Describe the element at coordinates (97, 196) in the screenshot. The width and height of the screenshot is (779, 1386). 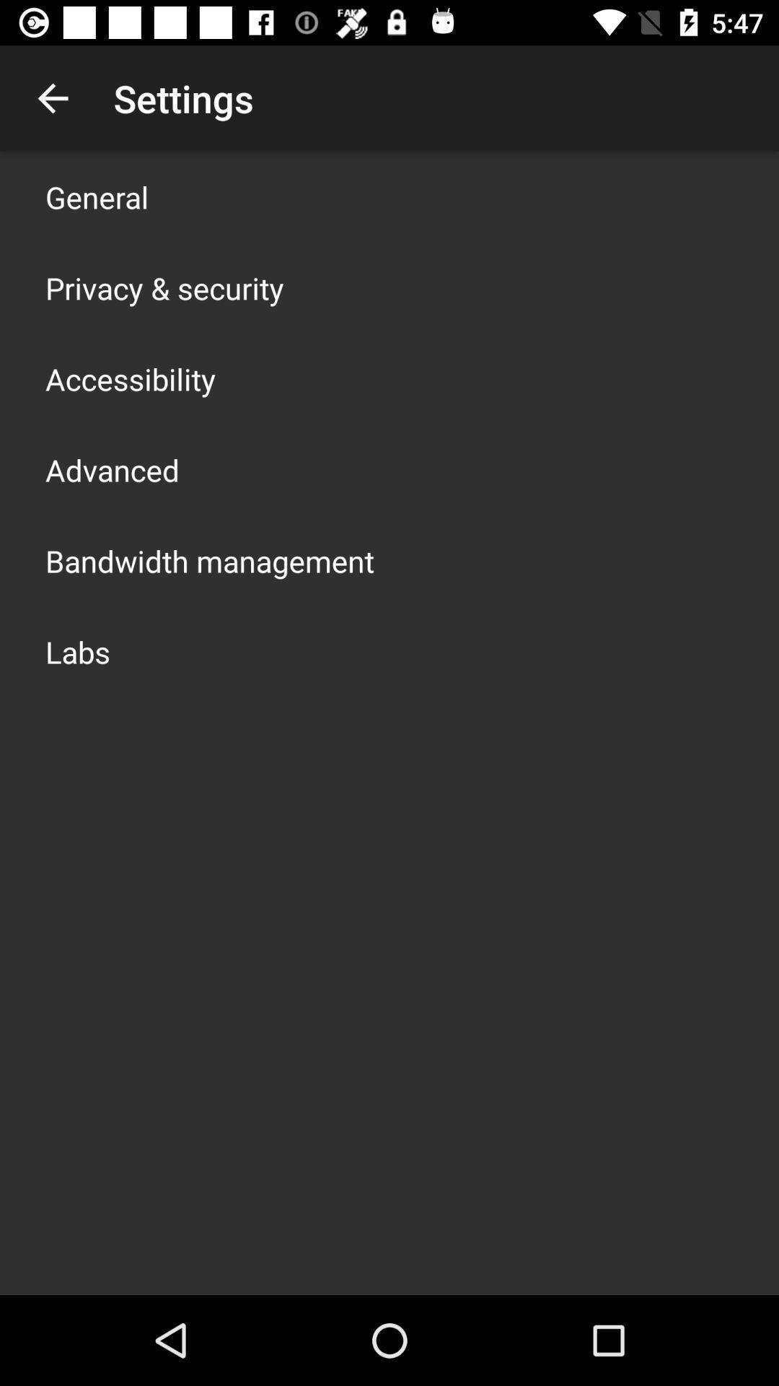
I see `app above privacy & security icon` at that location.